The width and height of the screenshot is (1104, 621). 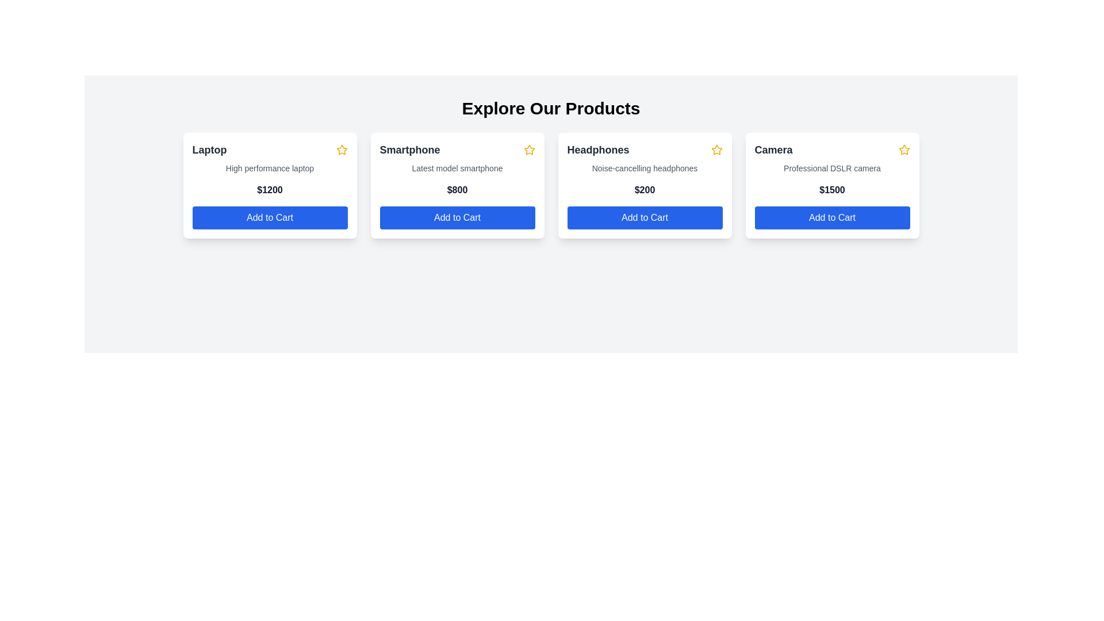 What do you see at coordinates (903, 149) in the screenshot?
I see `the star icon button located in the top right corner of the 'Camera' product card` at bounding box center [903, 149].